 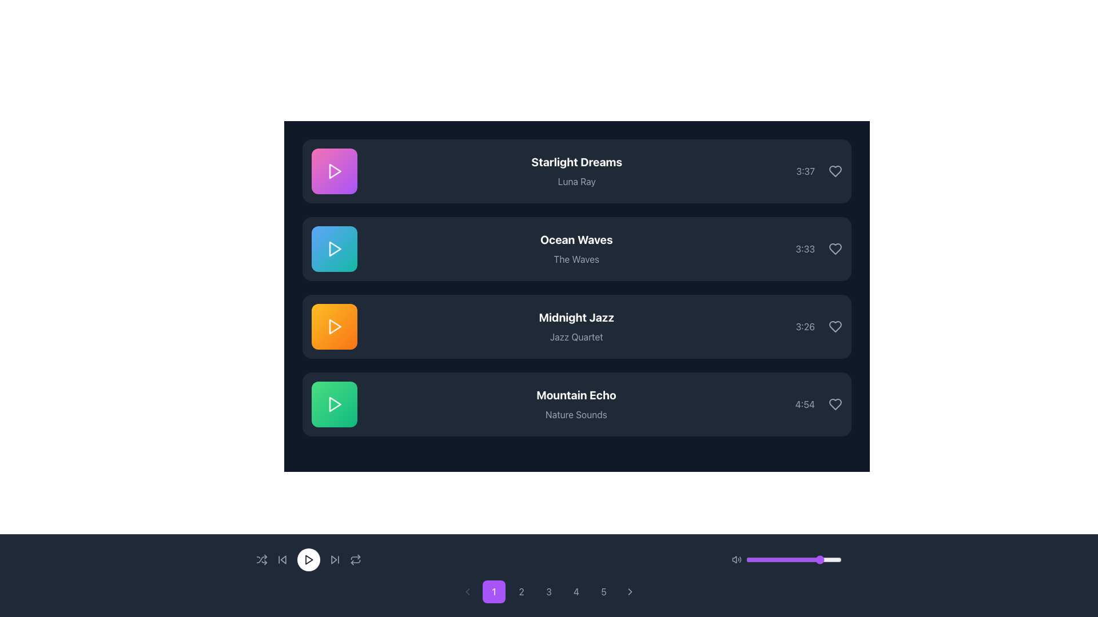 What do you see at coordinates (835, 404) in the screenshot?
I see `the heart-shaped icon button at the far right of the 'Mountain Echo' list item to favorite or unfavorite the track` at bounding box center [835, 404].